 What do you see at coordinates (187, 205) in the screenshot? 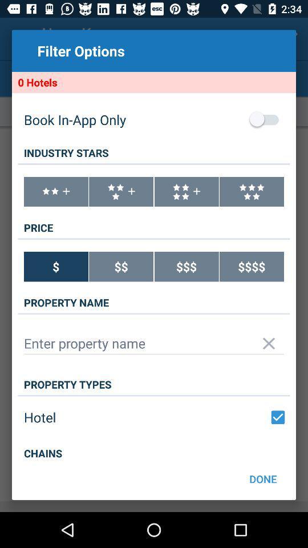
I see `the sliders icon` at bounding box center [187, 205].